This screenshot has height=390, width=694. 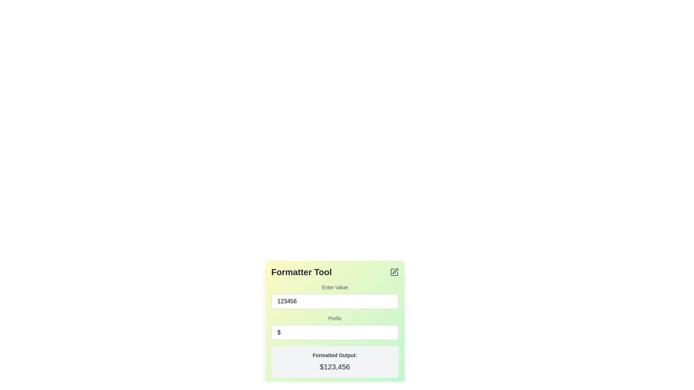 I want to click on displayed value from the static text label showing the formatted result '$123,456', which is located in a light gray box below 'Formatted Output:' in the lower region of the interface, so click(x=334, y=367).